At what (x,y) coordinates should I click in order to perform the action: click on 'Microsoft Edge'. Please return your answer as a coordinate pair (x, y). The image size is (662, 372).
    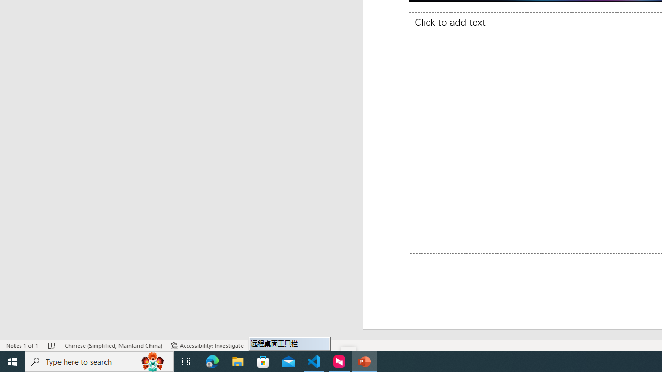
    Looking at the image, I should click on (212, 361).